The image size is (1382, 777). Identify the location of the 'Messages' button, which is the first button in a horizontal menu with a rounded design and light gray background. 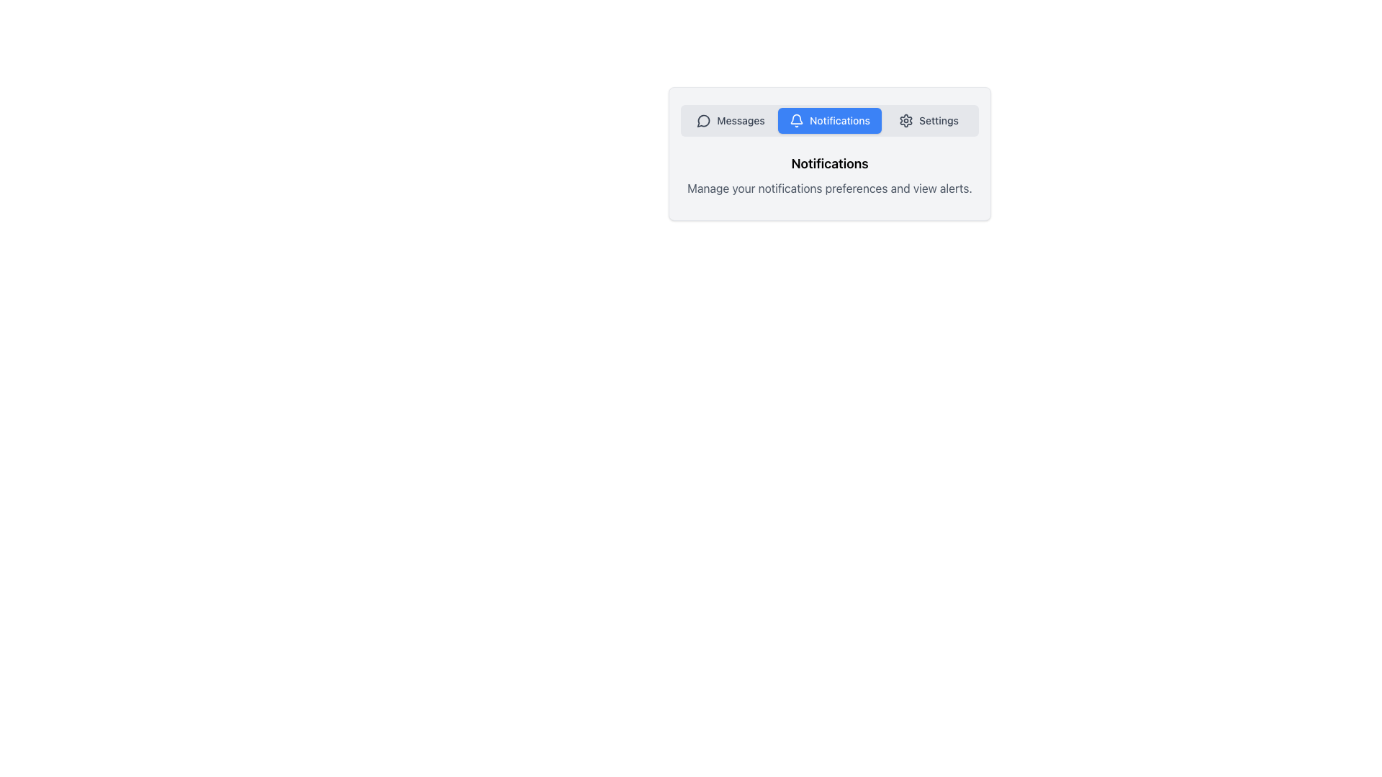
(731, 120).